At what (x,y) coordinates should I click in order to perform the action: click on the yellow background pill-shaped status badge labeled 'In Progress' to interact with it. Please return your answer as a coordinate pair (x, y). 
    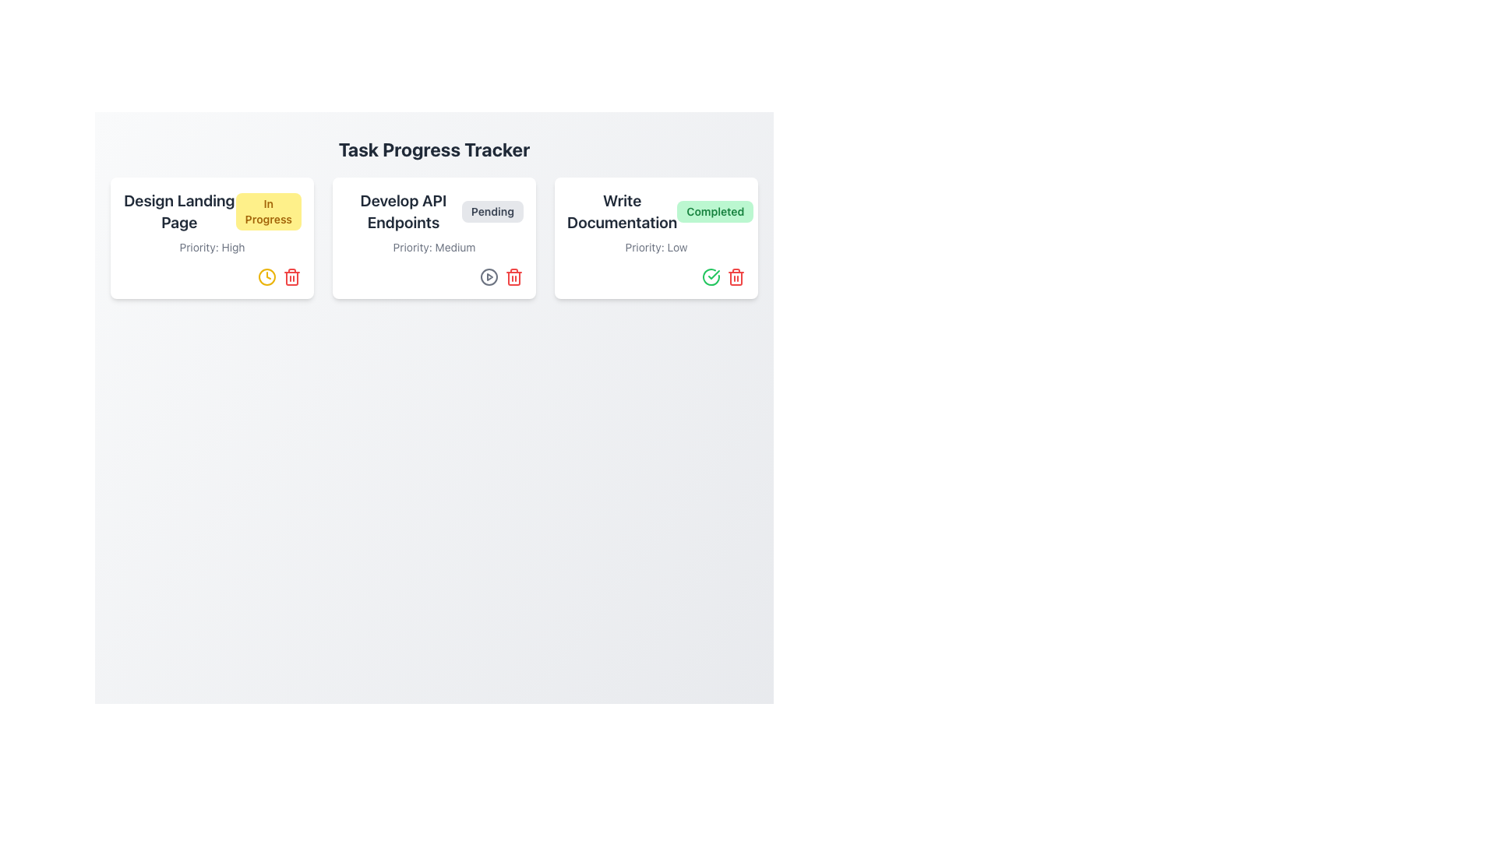
    Looking at the image, I should click on (211, 212).